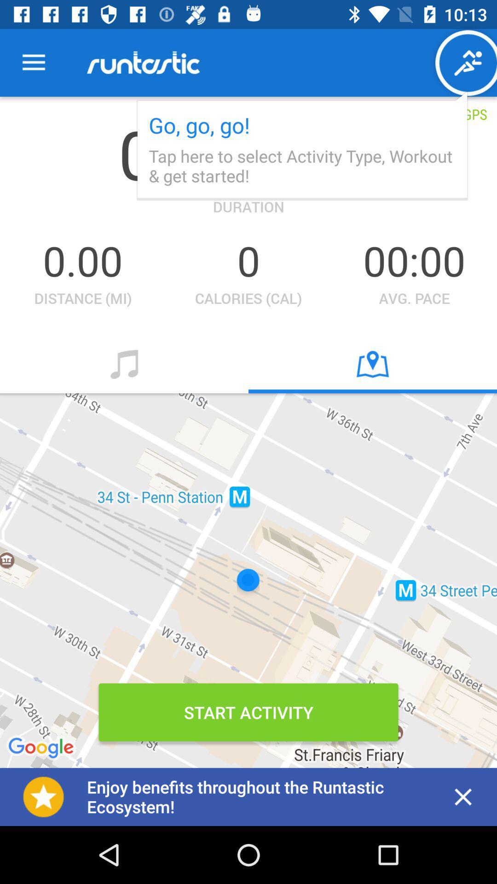 This screenshot has width=497, height=884. What do you see at coordinates (463, 797) in the screenshot?
I see `the close icon` at bounding box center [463, 797].